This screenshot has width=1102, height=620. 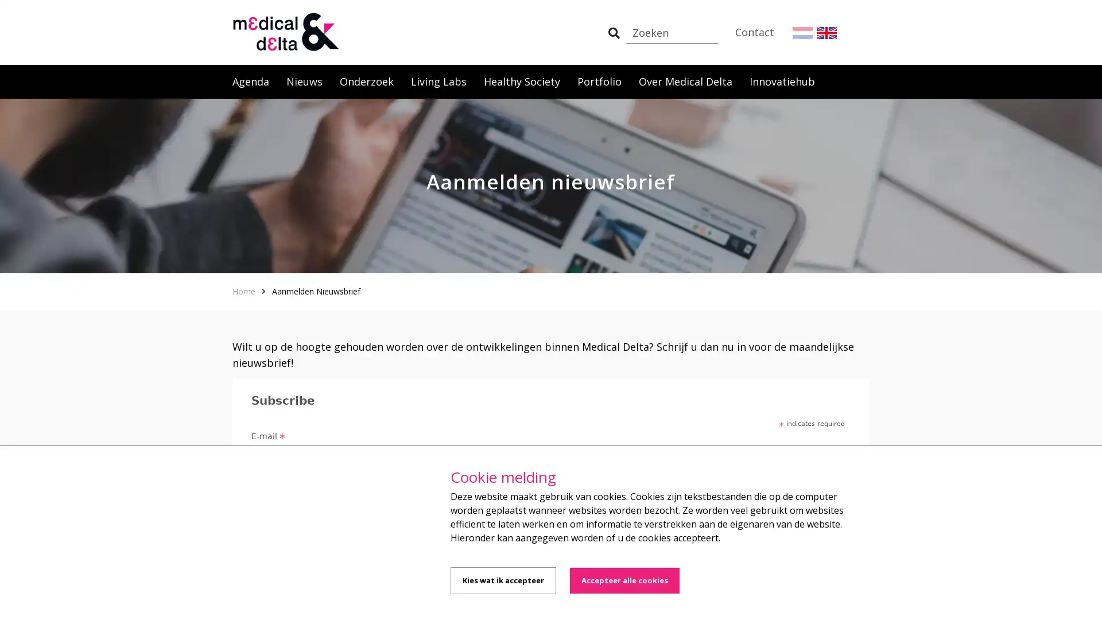 I want to click on Accepteer alle cookies, so click(x=624, y=580).